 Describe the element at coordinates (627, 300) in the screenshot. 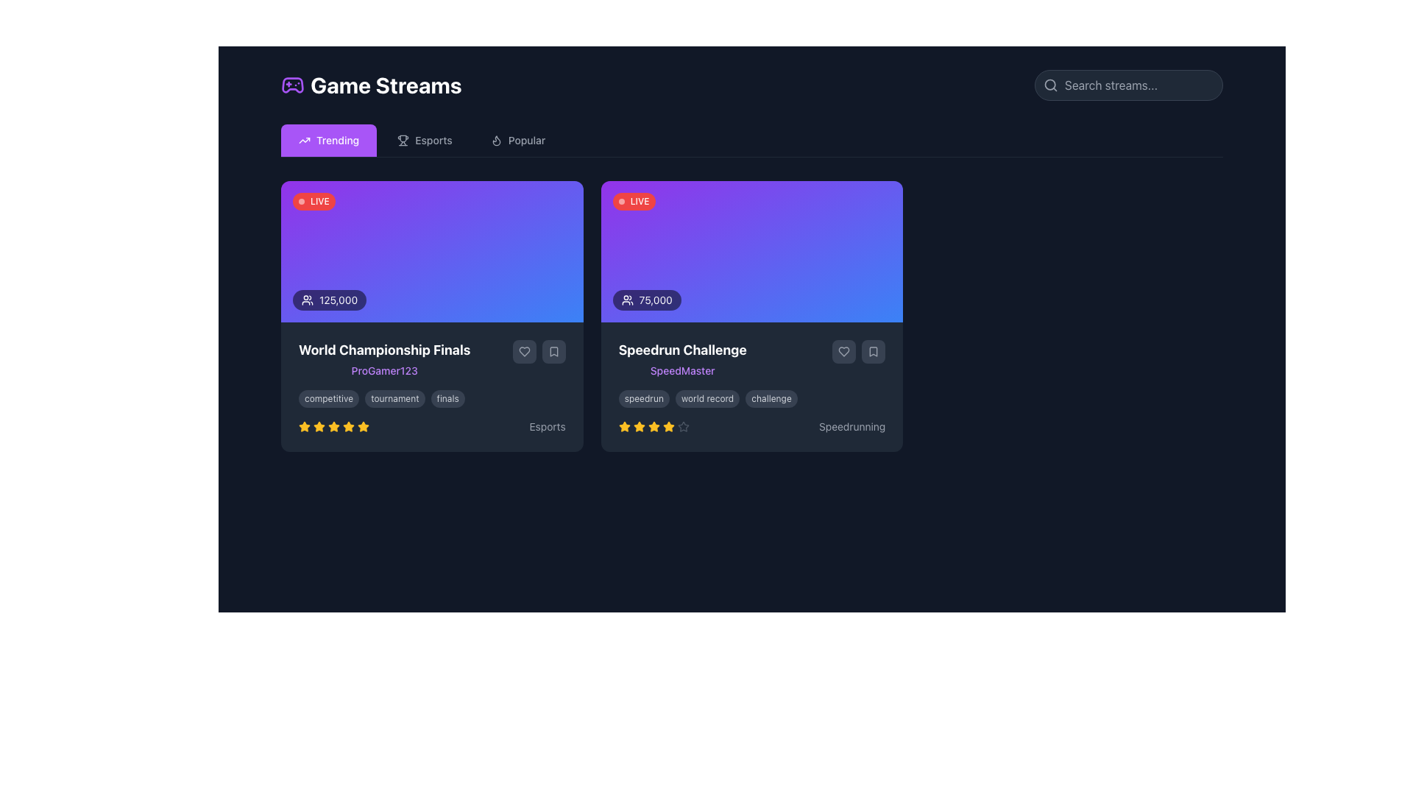

I see `the viewer count icon located at the bottom-left corner of the second card in the horizontal list, next to the text displaying '75,000'` at that location.